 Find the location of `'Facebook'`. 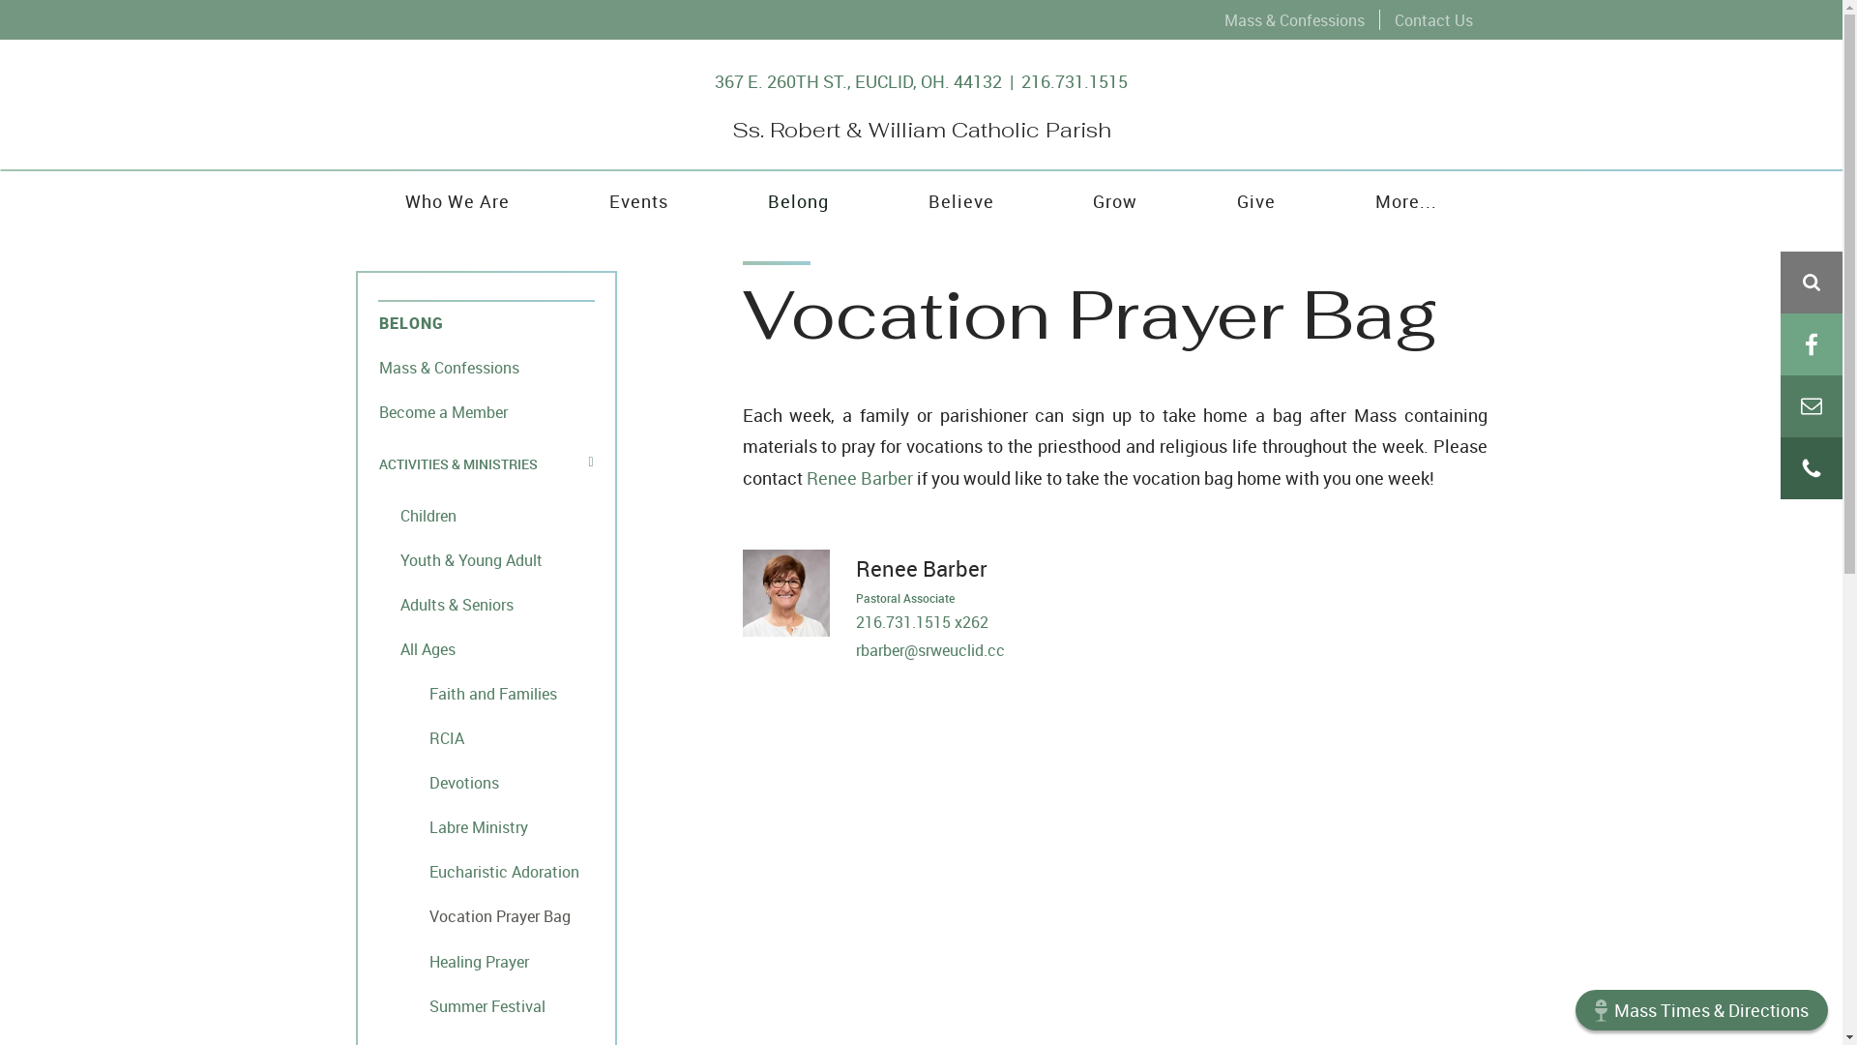

'Facebook' is located at coordinates (1810, 343).